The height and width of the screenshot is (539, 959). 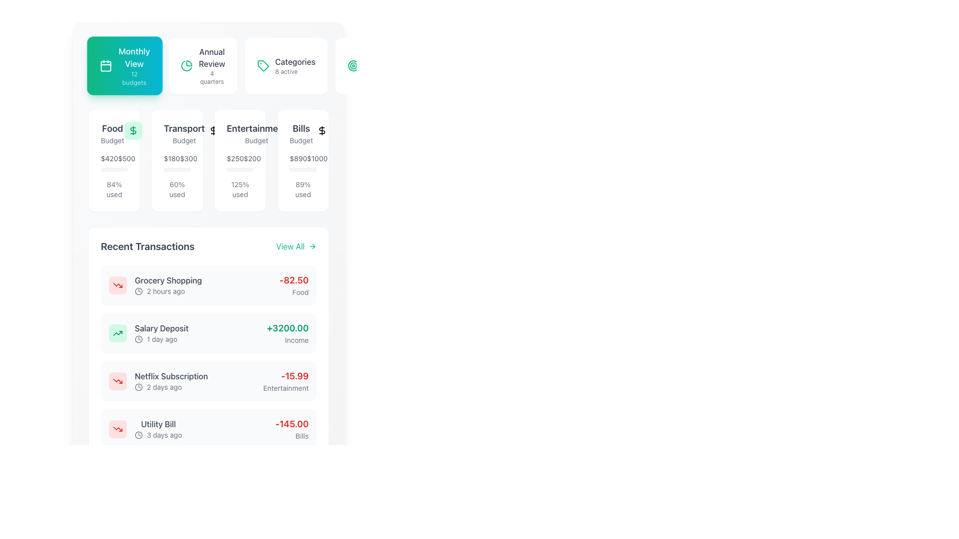 I want to click on the text label displaying '60% used' in the lower section of the 'Transport Budget' card, so click(x=177, y=190).